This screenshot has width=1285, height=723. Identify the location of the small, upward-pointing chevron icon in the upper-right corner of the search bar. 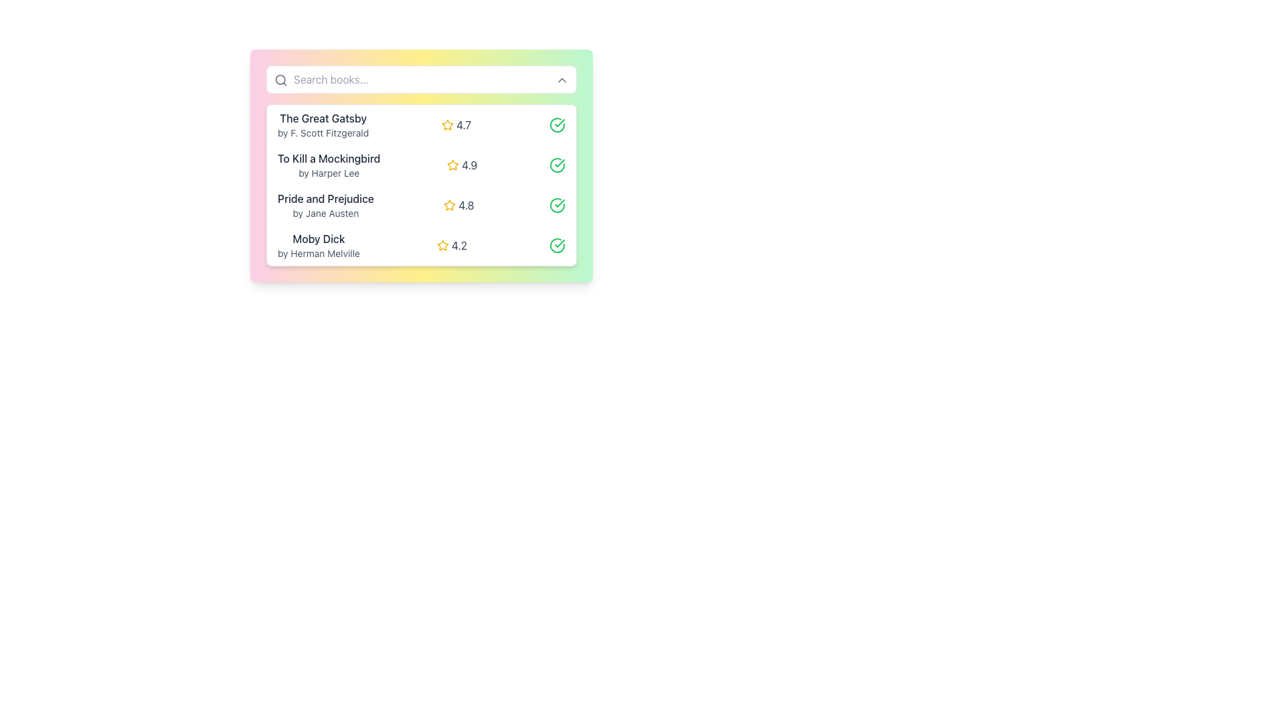
(562, 80).